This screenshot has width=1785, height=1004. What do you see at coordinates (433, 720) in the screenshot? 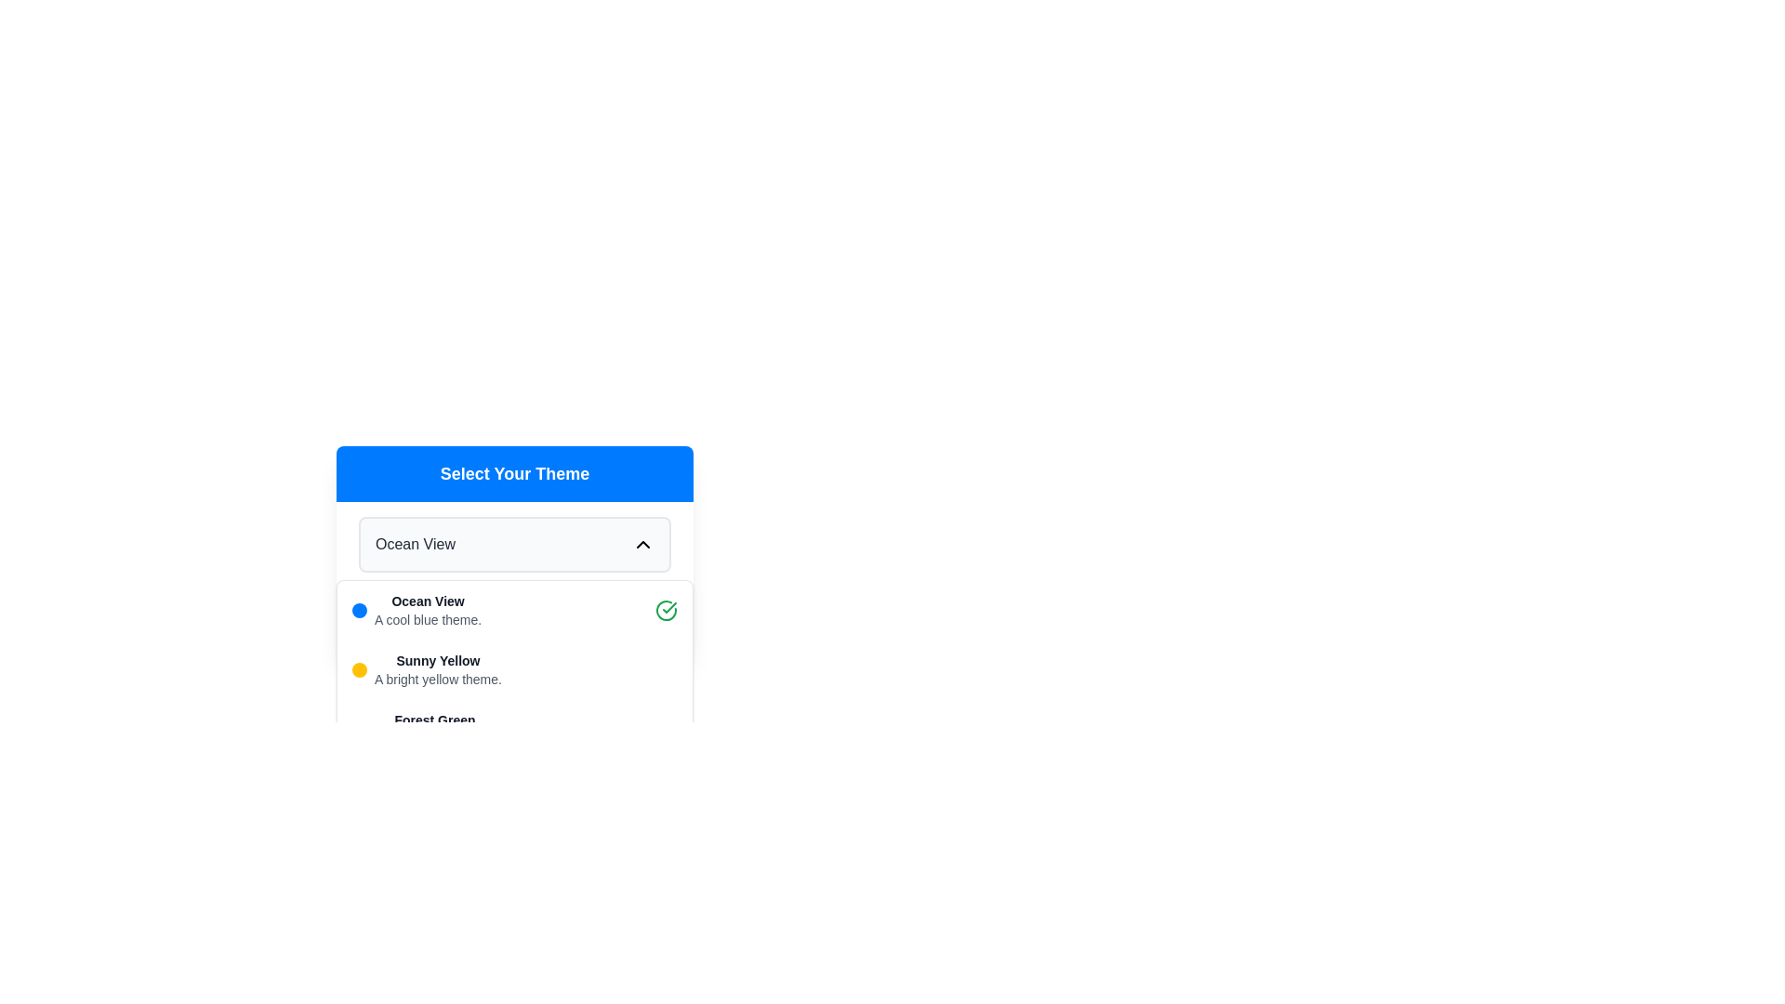
I see `text label 'Forest Green' which is styled in a bold font and positioned in the dropdown menu of the 'Select Your Theme' section as the title of the third listed theme` at bounding box center [433, 720].